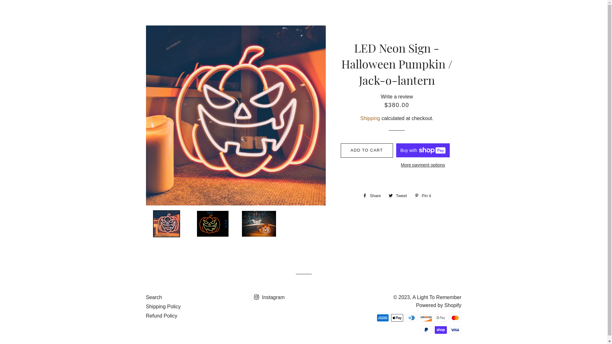 This screenshot has height=344, width=612. What do you see at coordinates (154, 297) in the screenshot?
I see `'Search'` at bounding box center [154, 297].